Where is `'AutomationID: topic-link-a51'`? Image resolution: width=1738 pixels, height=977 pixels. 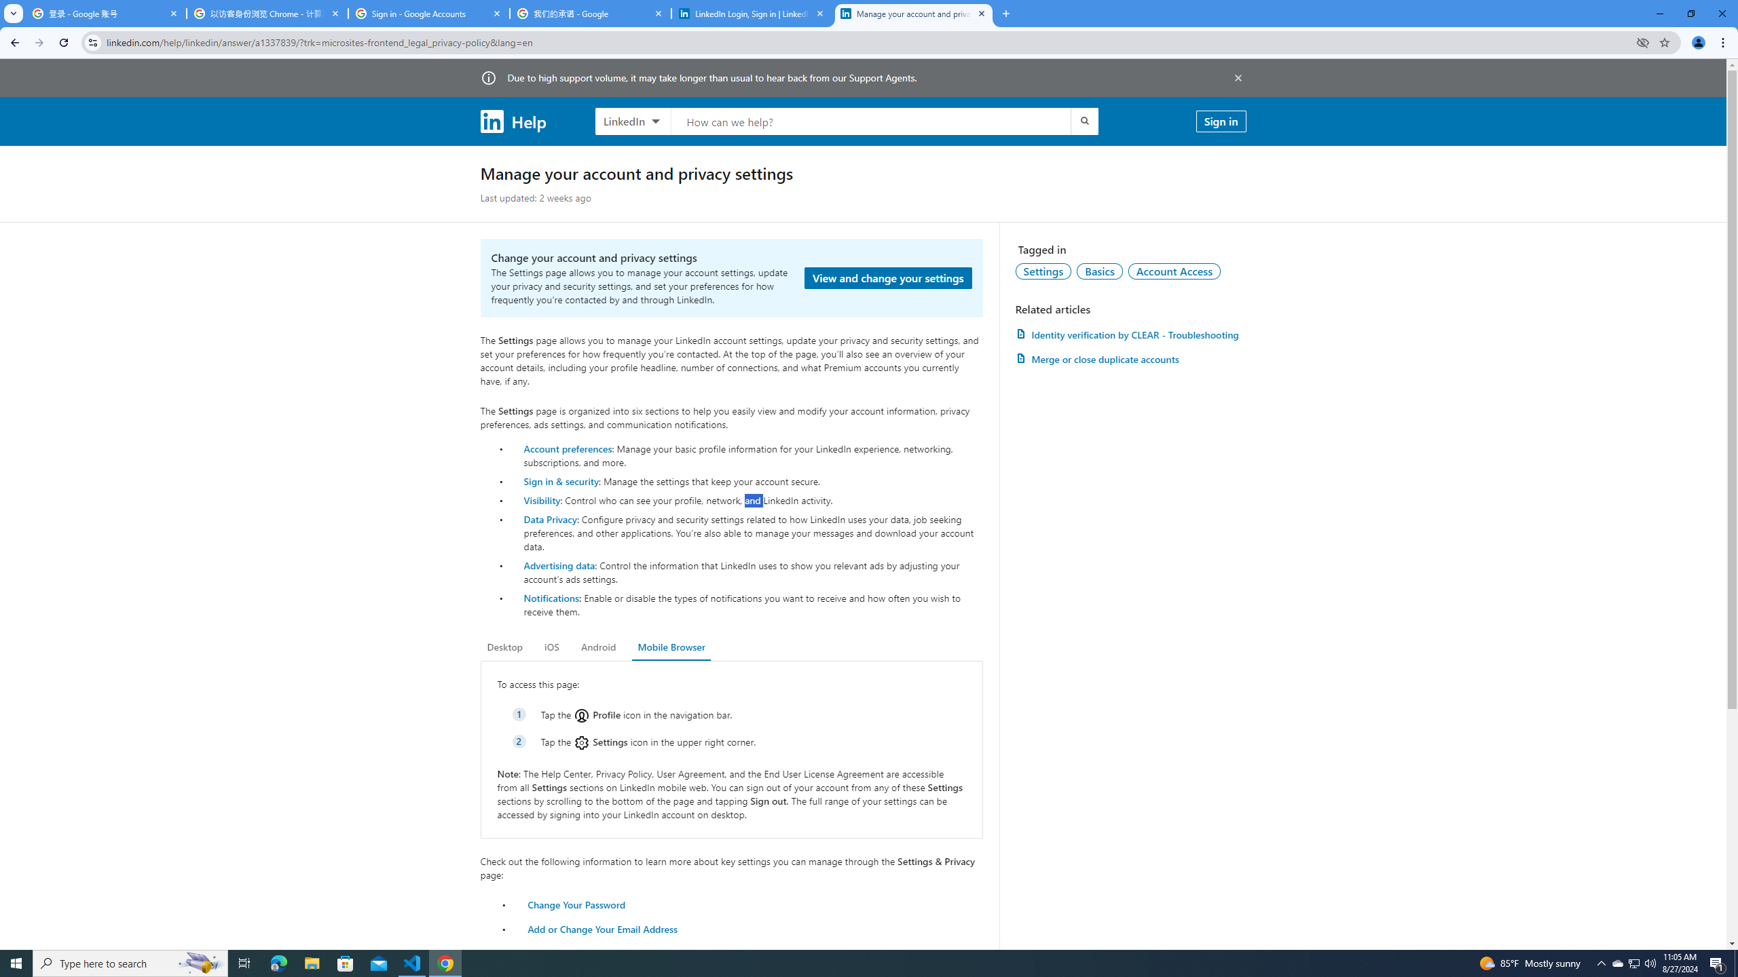 'AutomationID: topic-link-a51' is located at coordinates (1099, 270).